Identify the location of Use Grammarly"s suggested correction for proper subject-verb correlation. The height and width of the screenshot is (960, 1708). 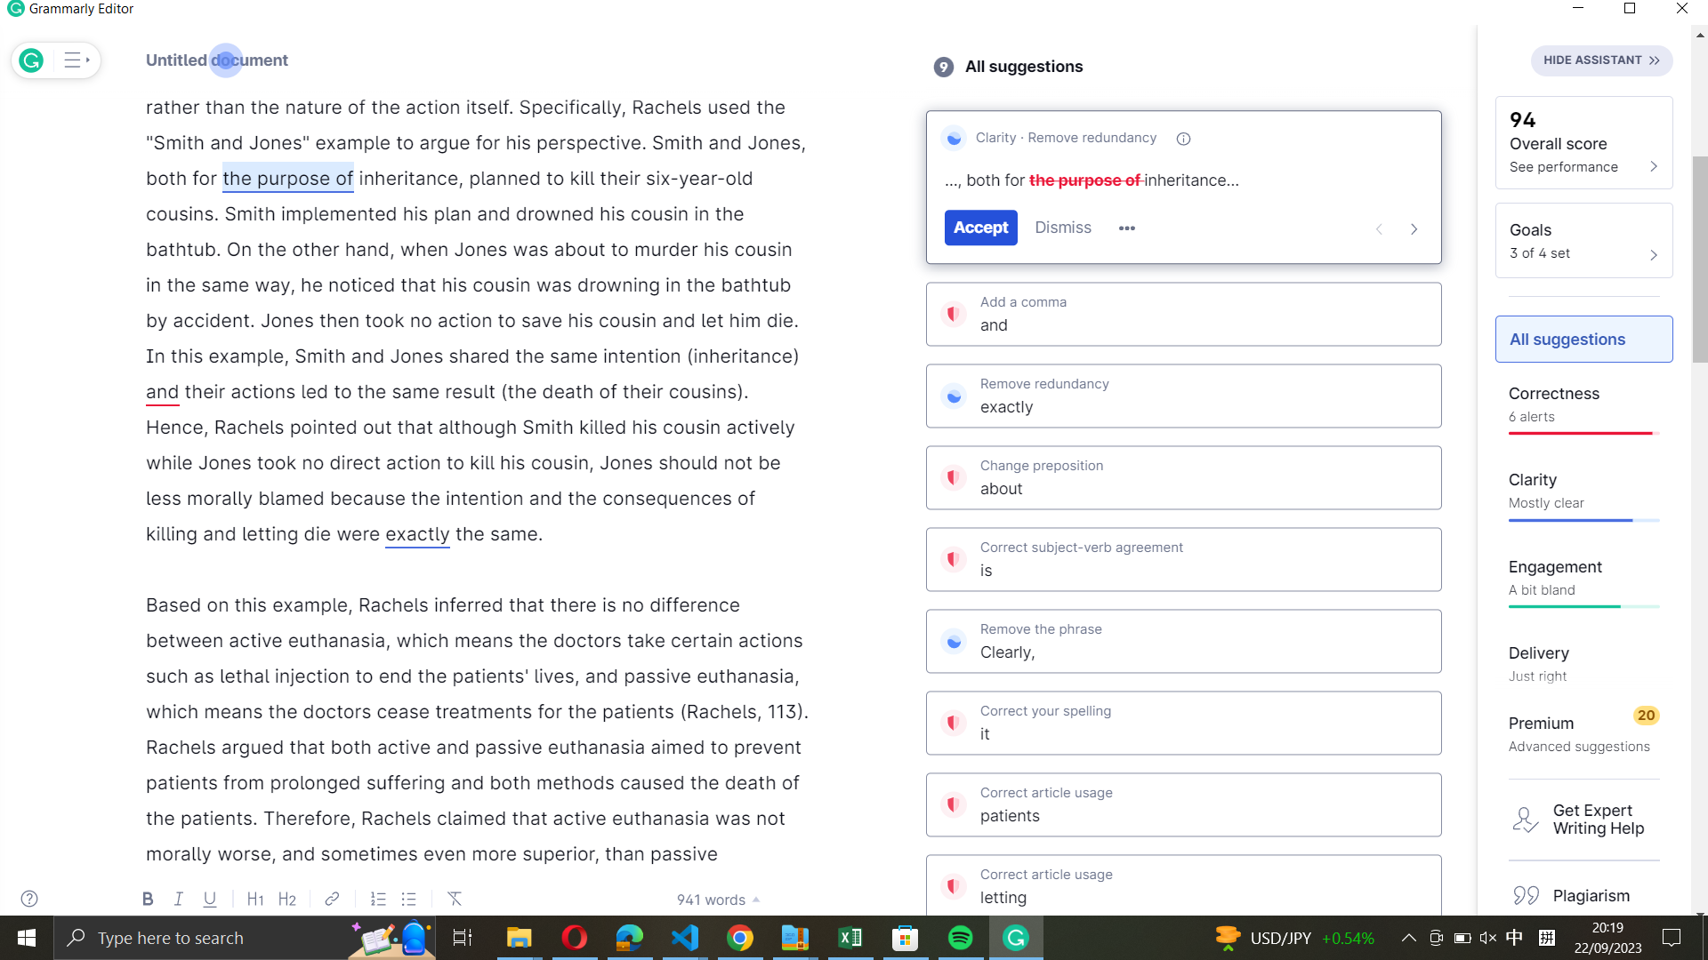
(1182, 560).